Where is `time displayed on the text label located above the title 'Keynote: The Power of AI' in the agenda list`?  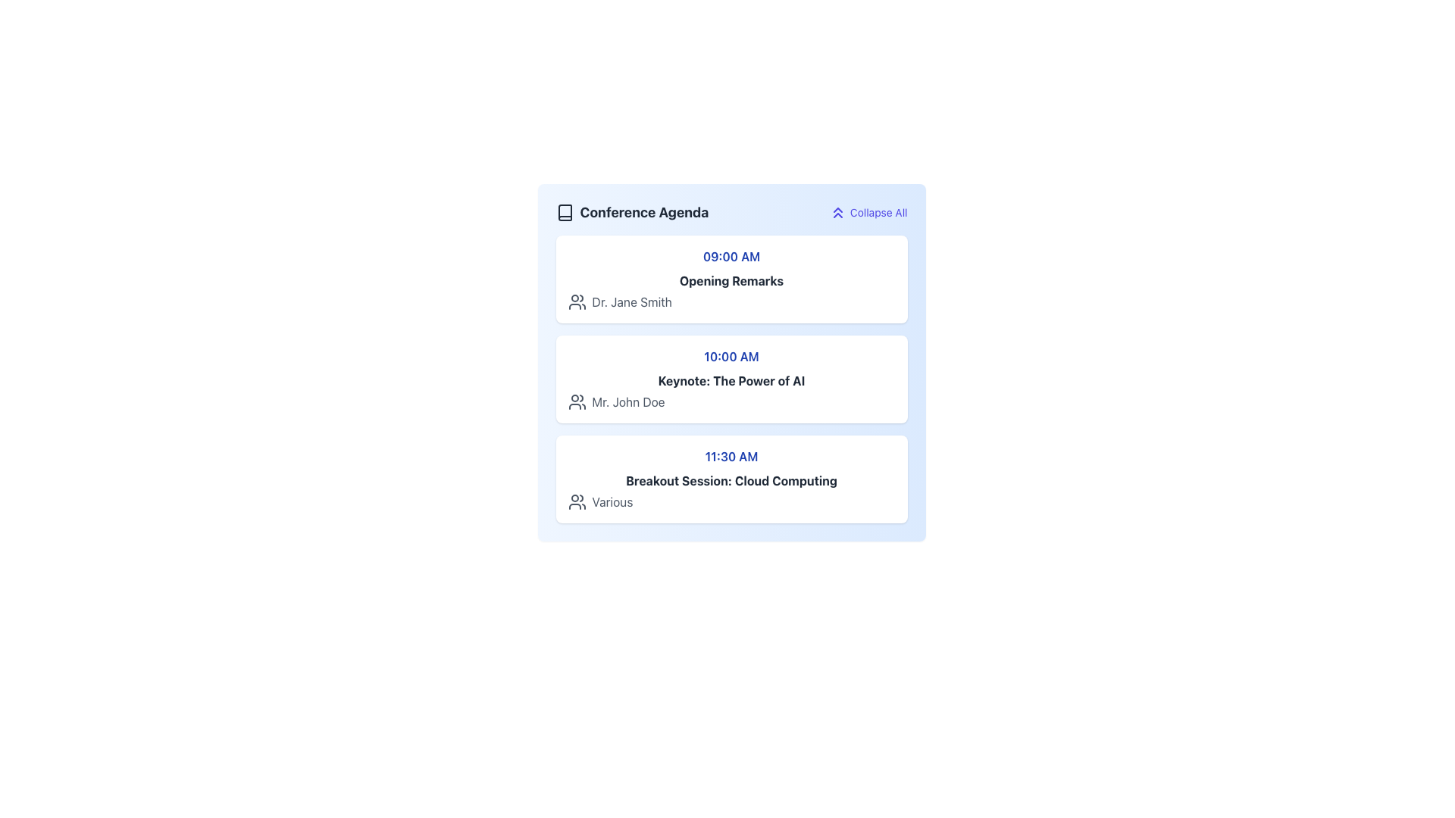
time displayed on the text label located above the title 'Keynote: The Power of AI' in the agenda list is located at coordinates (731, 356).